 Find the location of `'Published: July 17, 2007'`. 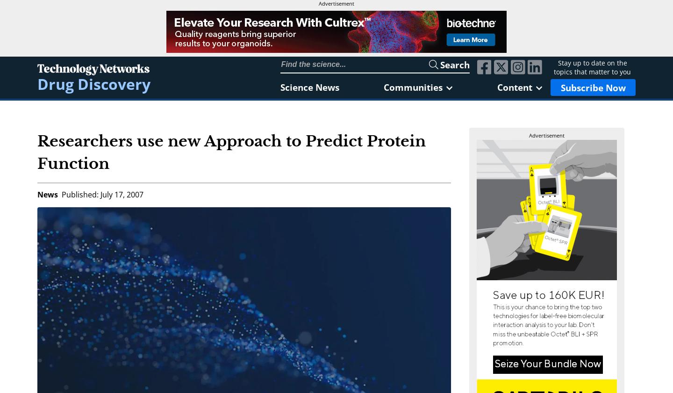

'Published: July 17, 2007' is located at coordinates (102, 194).